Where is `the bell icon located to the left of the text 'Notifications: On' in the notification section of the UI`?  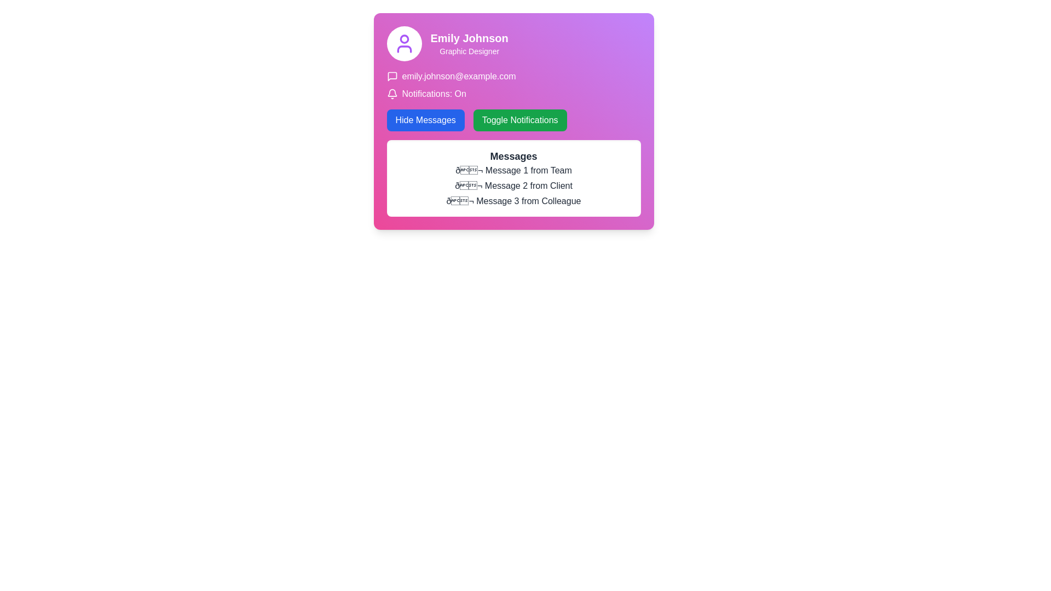
the bell icon located to the left of the text 'Notifications: On' in the notification section of the UI is located at coordinates (392, 94).